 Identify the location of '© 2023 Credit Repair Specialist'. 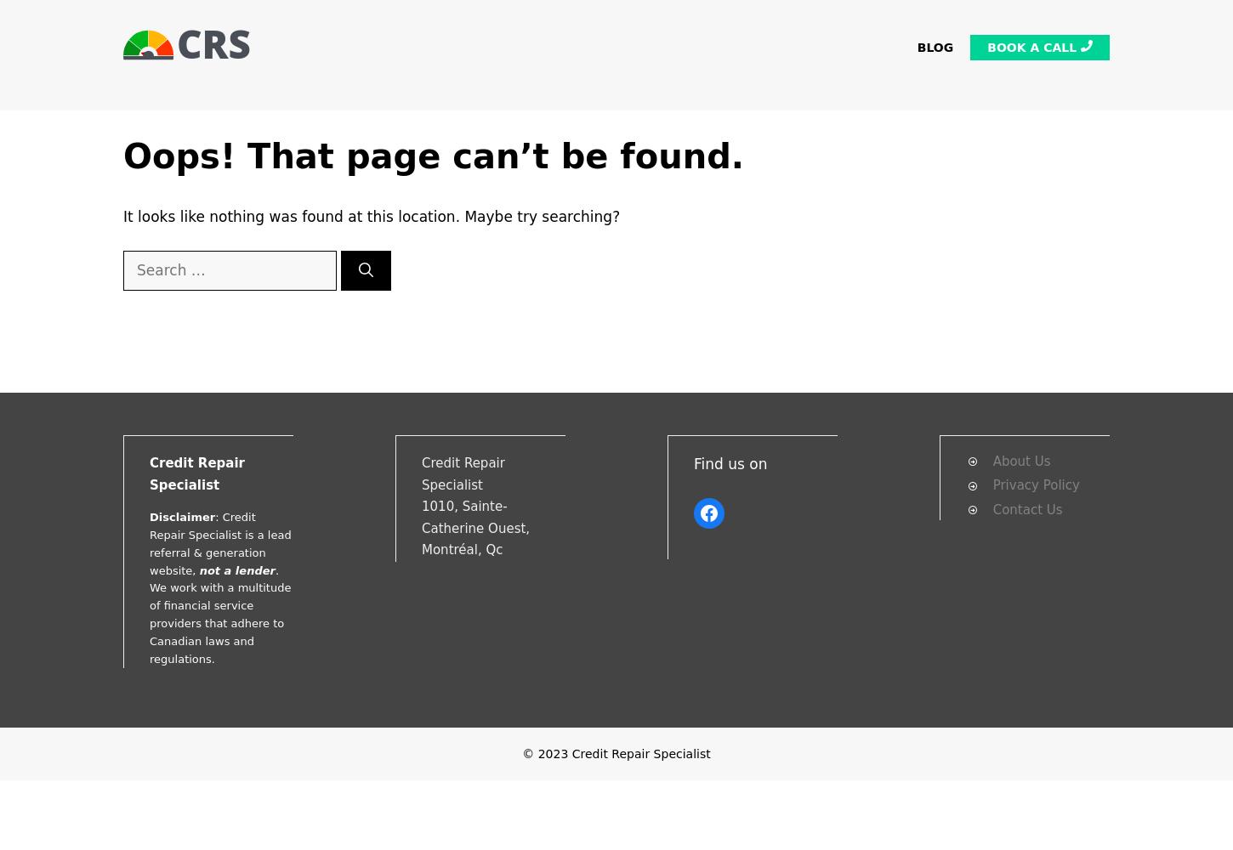
(615, 753).